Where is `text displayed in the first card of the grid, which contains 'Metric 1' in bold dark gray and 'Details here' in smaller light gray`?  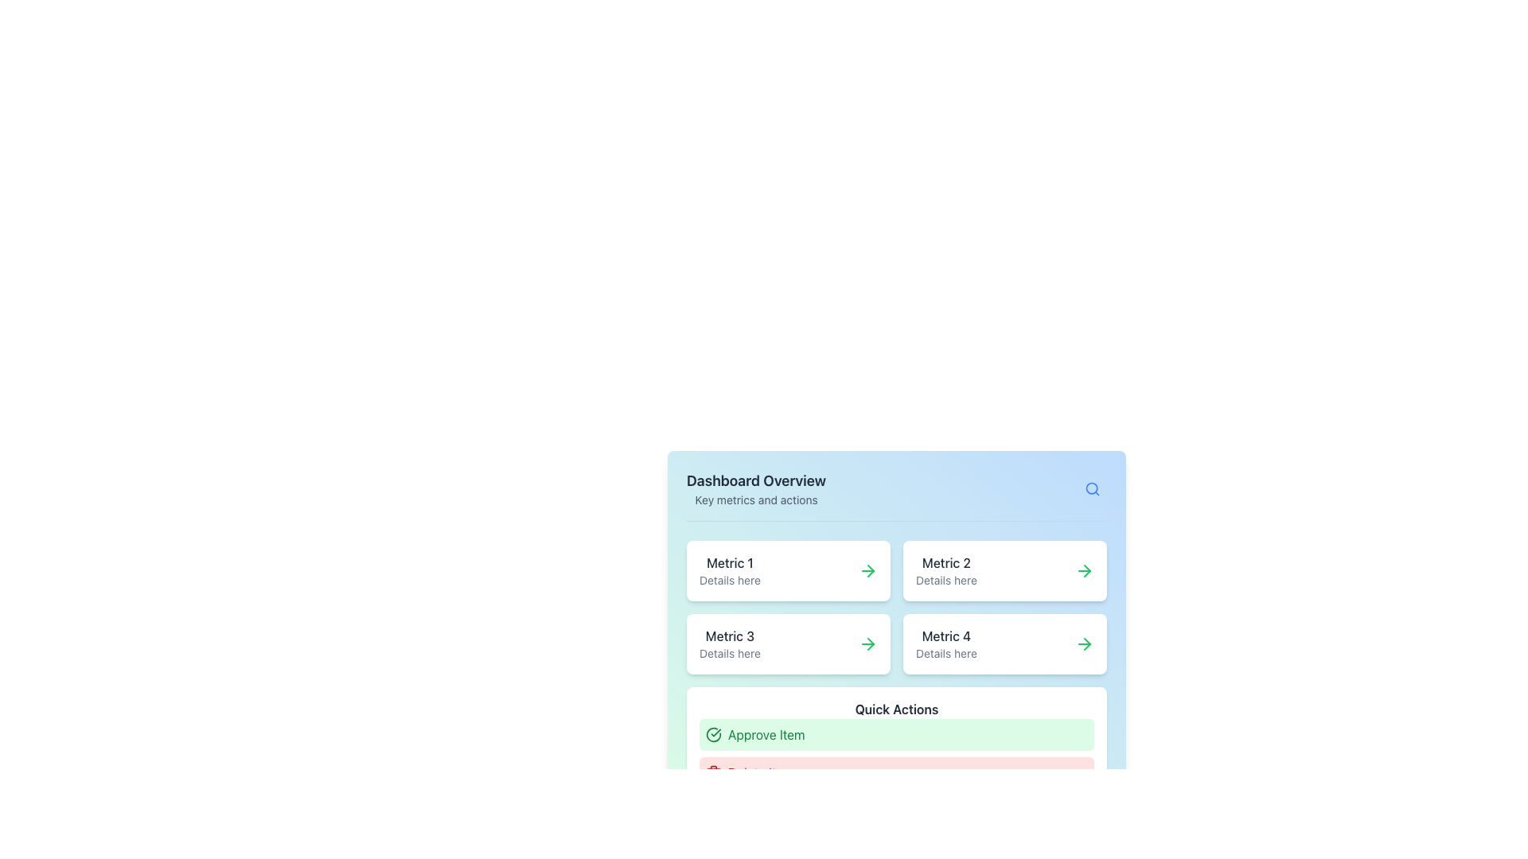
text displayed in the first card of the grid, which contains 'Metric 1' in bold dark gray and 'Details here' in smaller light gray is located at coordinates (729, 569).